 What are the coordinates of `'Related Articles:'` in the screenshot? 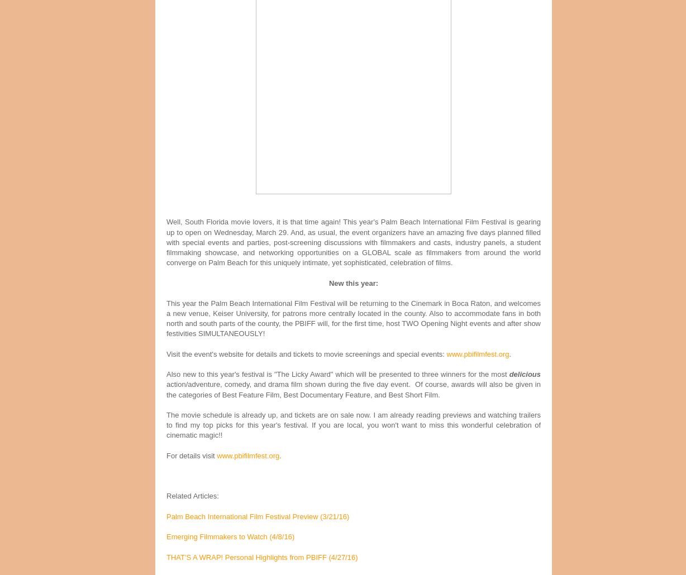 It's located at (193, 496).